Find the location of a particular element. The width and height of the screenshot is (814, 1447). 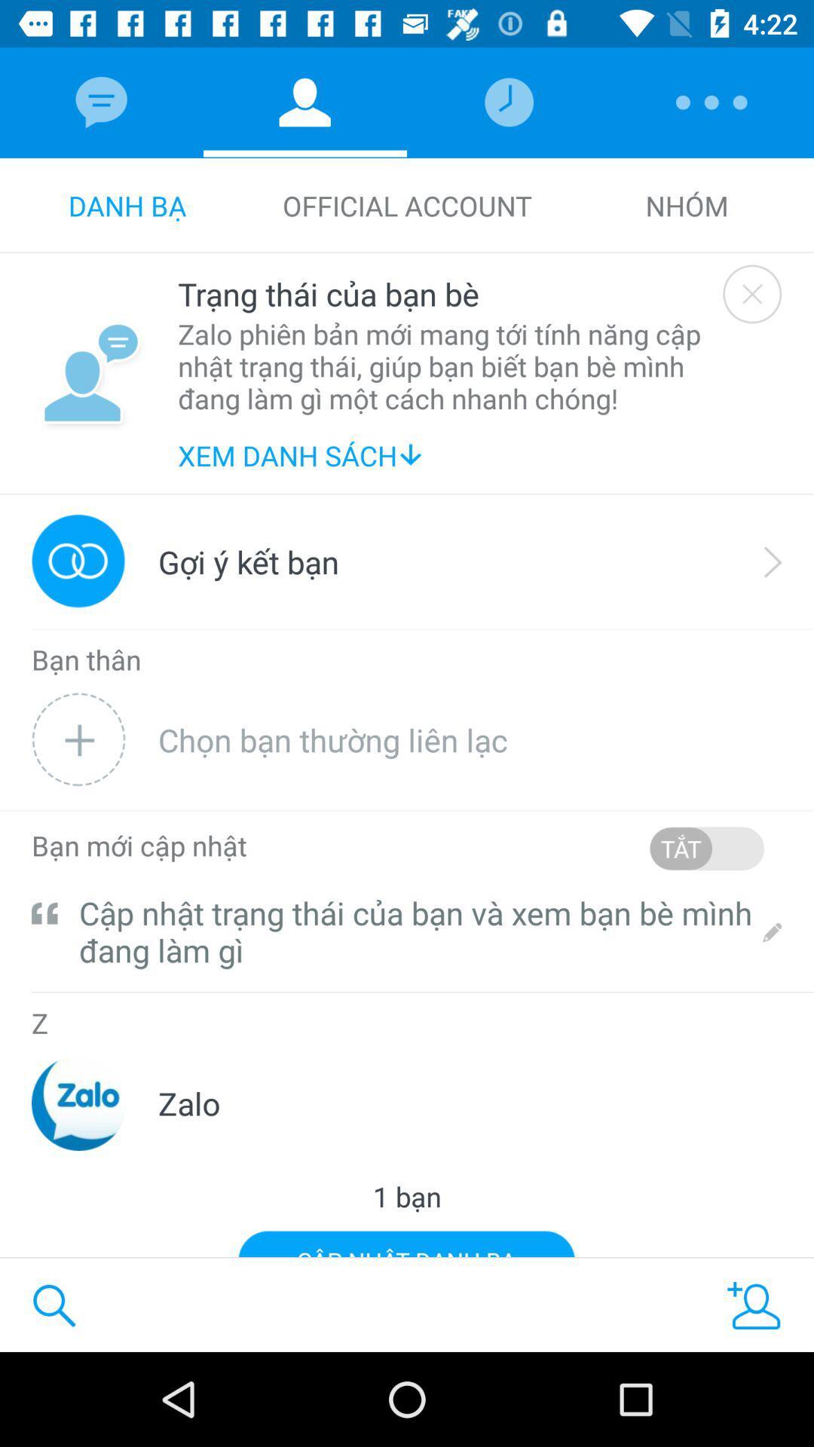

the z is located at coordinates (38, 1024).